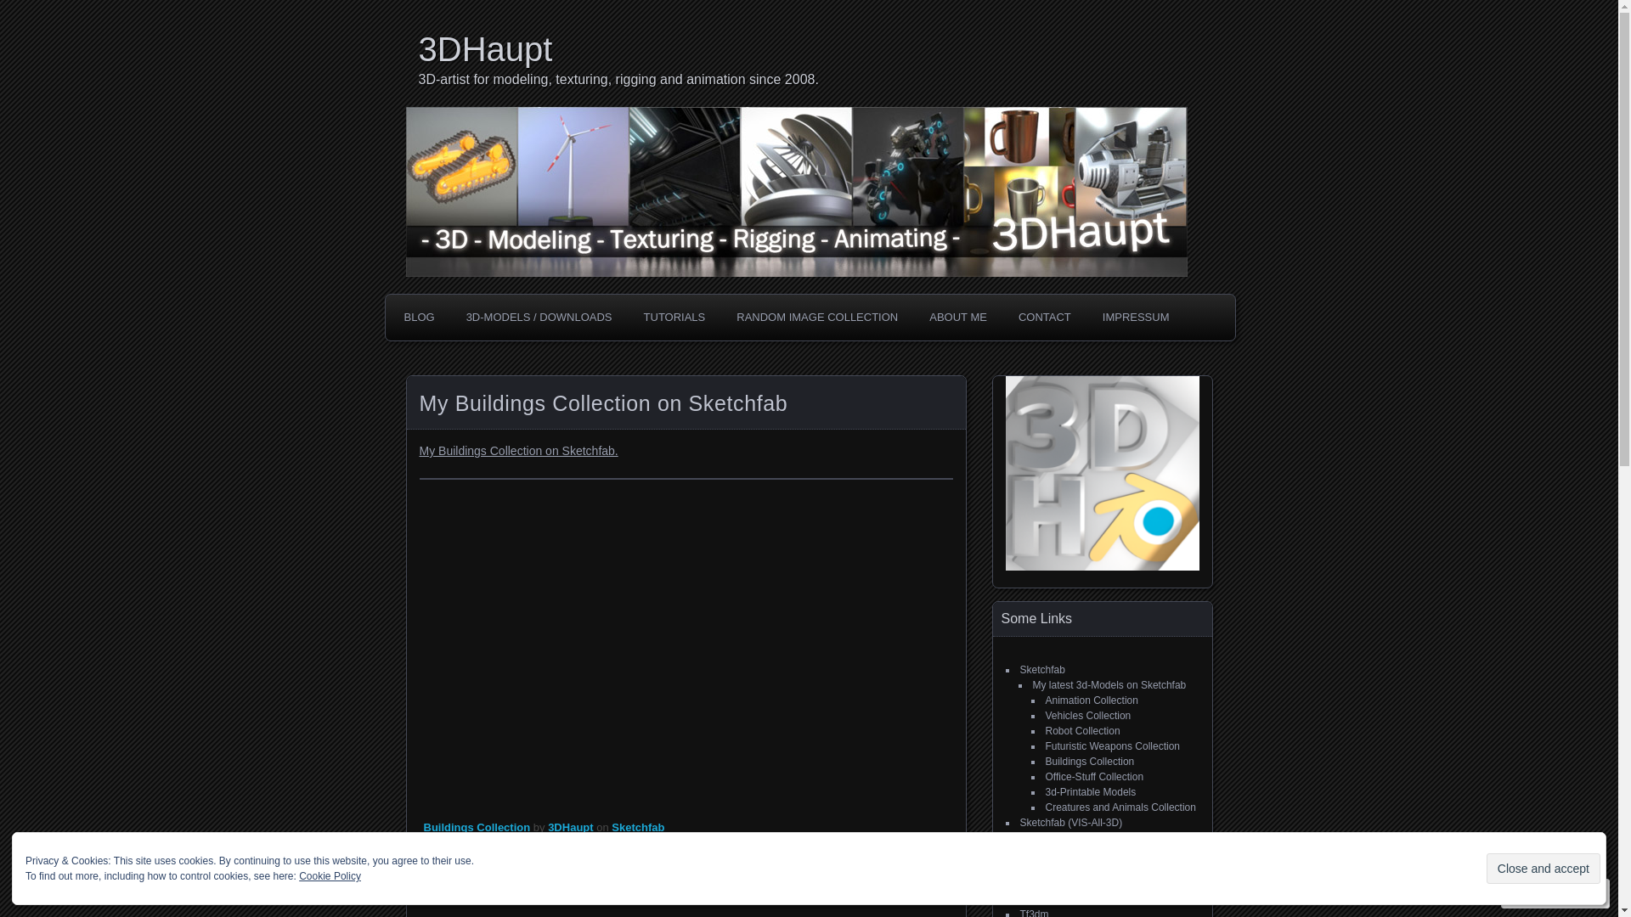 The width and height of the screenshot is (1631, 917). I want to click on 'Animation Collection', so click(1091, 700).